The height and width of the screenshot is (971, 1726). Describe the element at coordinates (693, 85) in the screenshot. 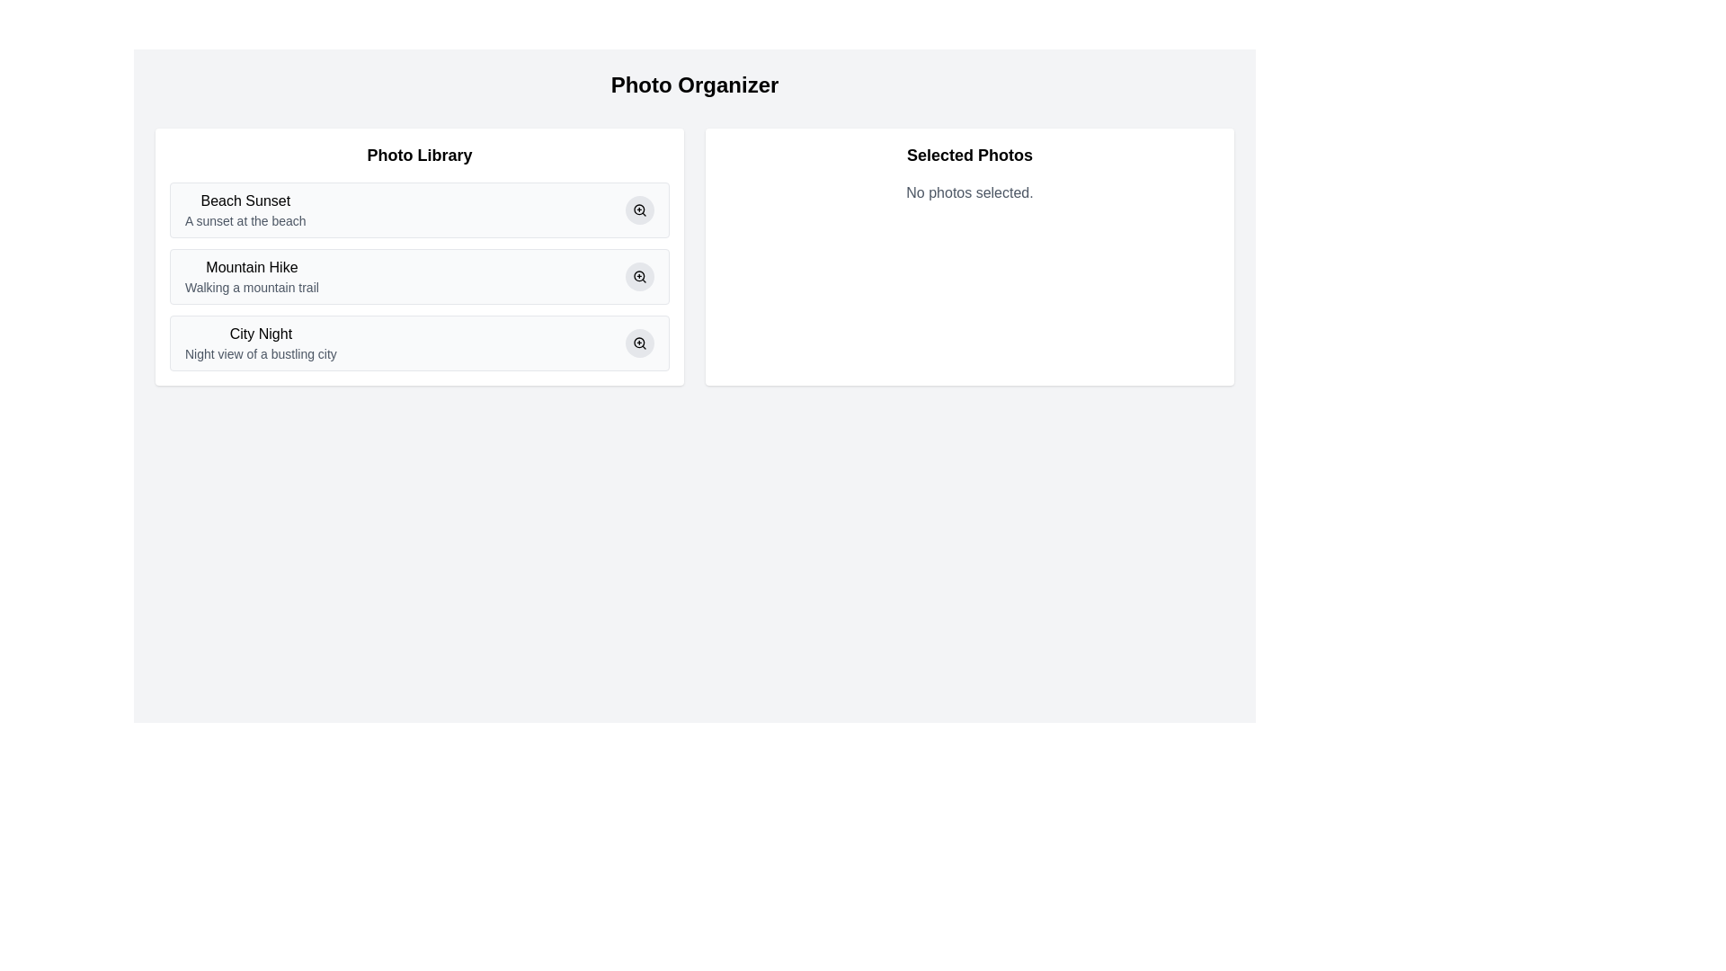

I see `the text heading 'Photo Organizer', which is styled with a bold font and large size, located at the top center of the interface` at that location.